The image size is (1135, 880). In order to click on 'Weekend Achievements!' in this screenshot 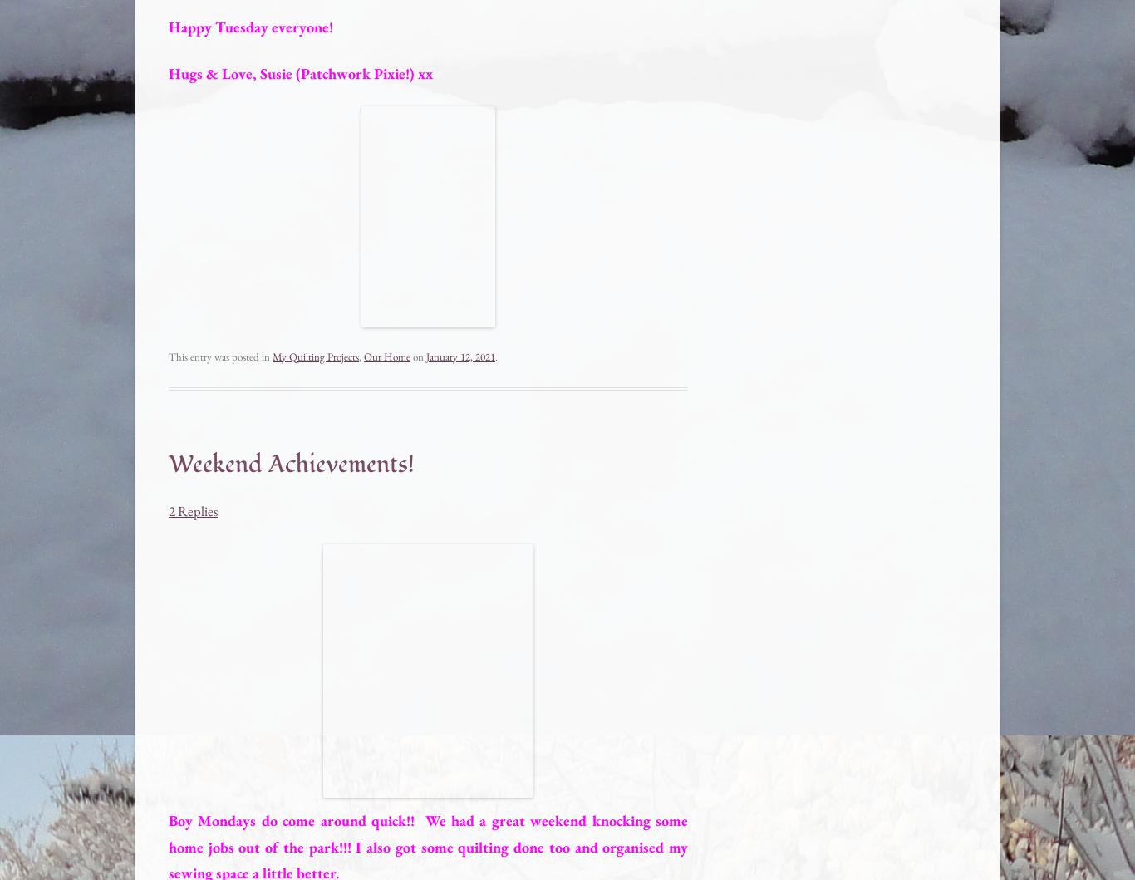, I will do `click(291, 462)`.